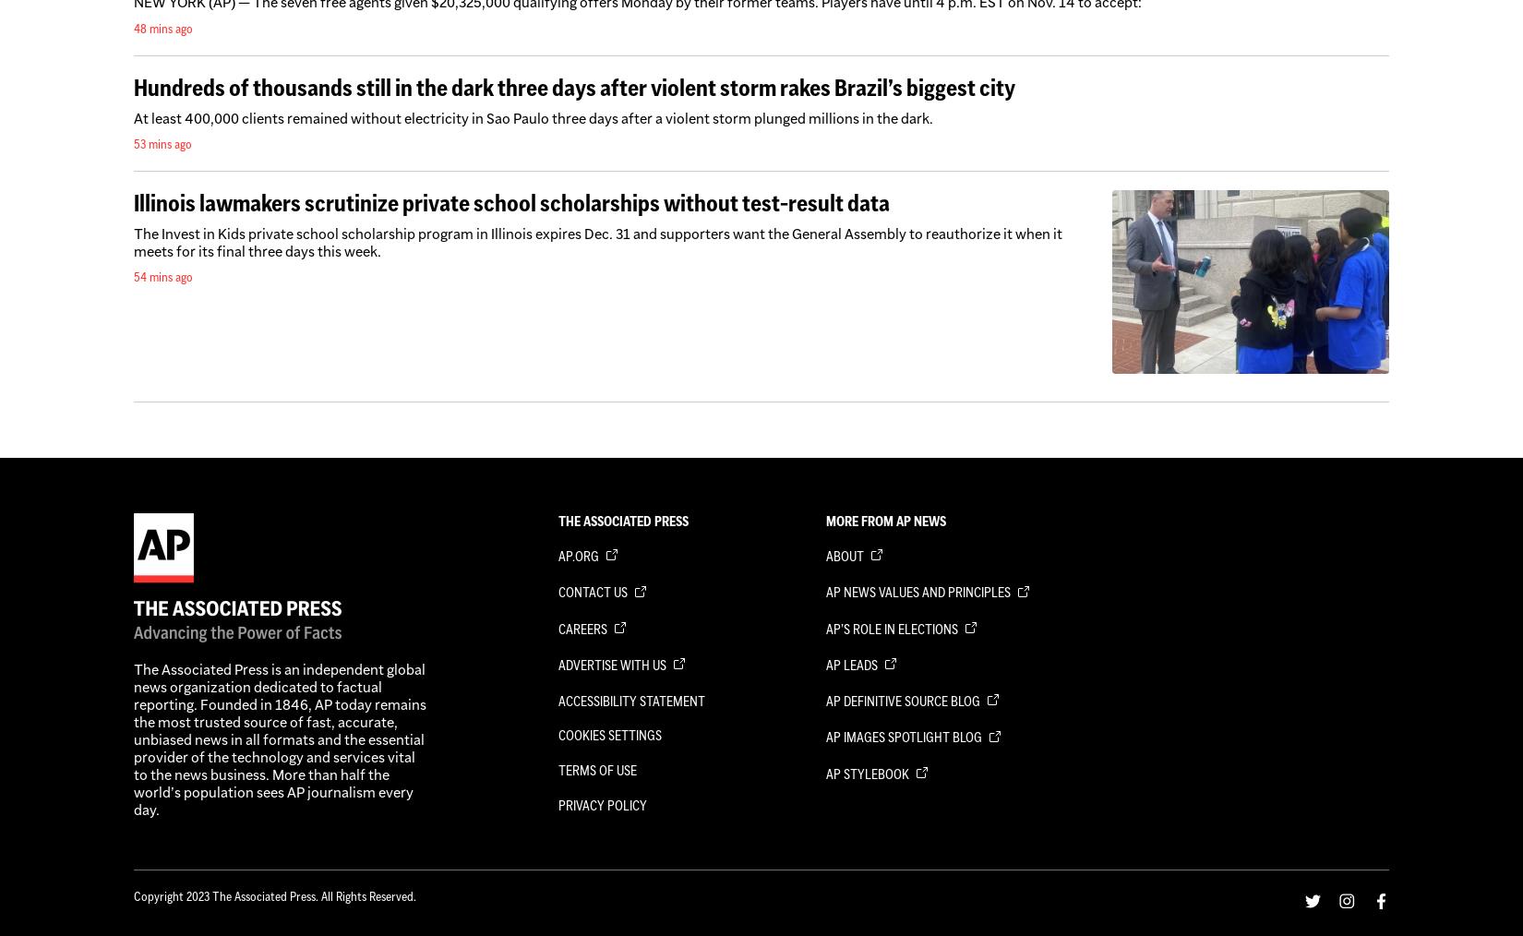 Image resolution: width=1523 pixels, height=936 pixels. What do you see at coordinates (630, 700) in the screenshot?
I see `'Accessibility Statement'` at bounding box center [630, 700].